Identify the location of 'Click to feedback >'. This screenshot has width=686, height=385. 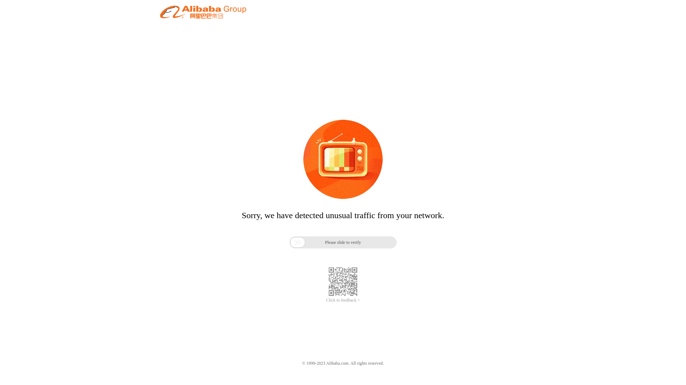
(343, 300).